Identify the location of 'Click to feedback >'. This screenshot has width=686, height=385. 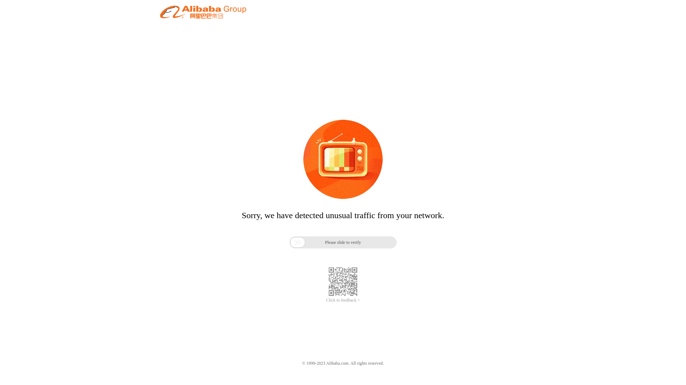
(343, 300).